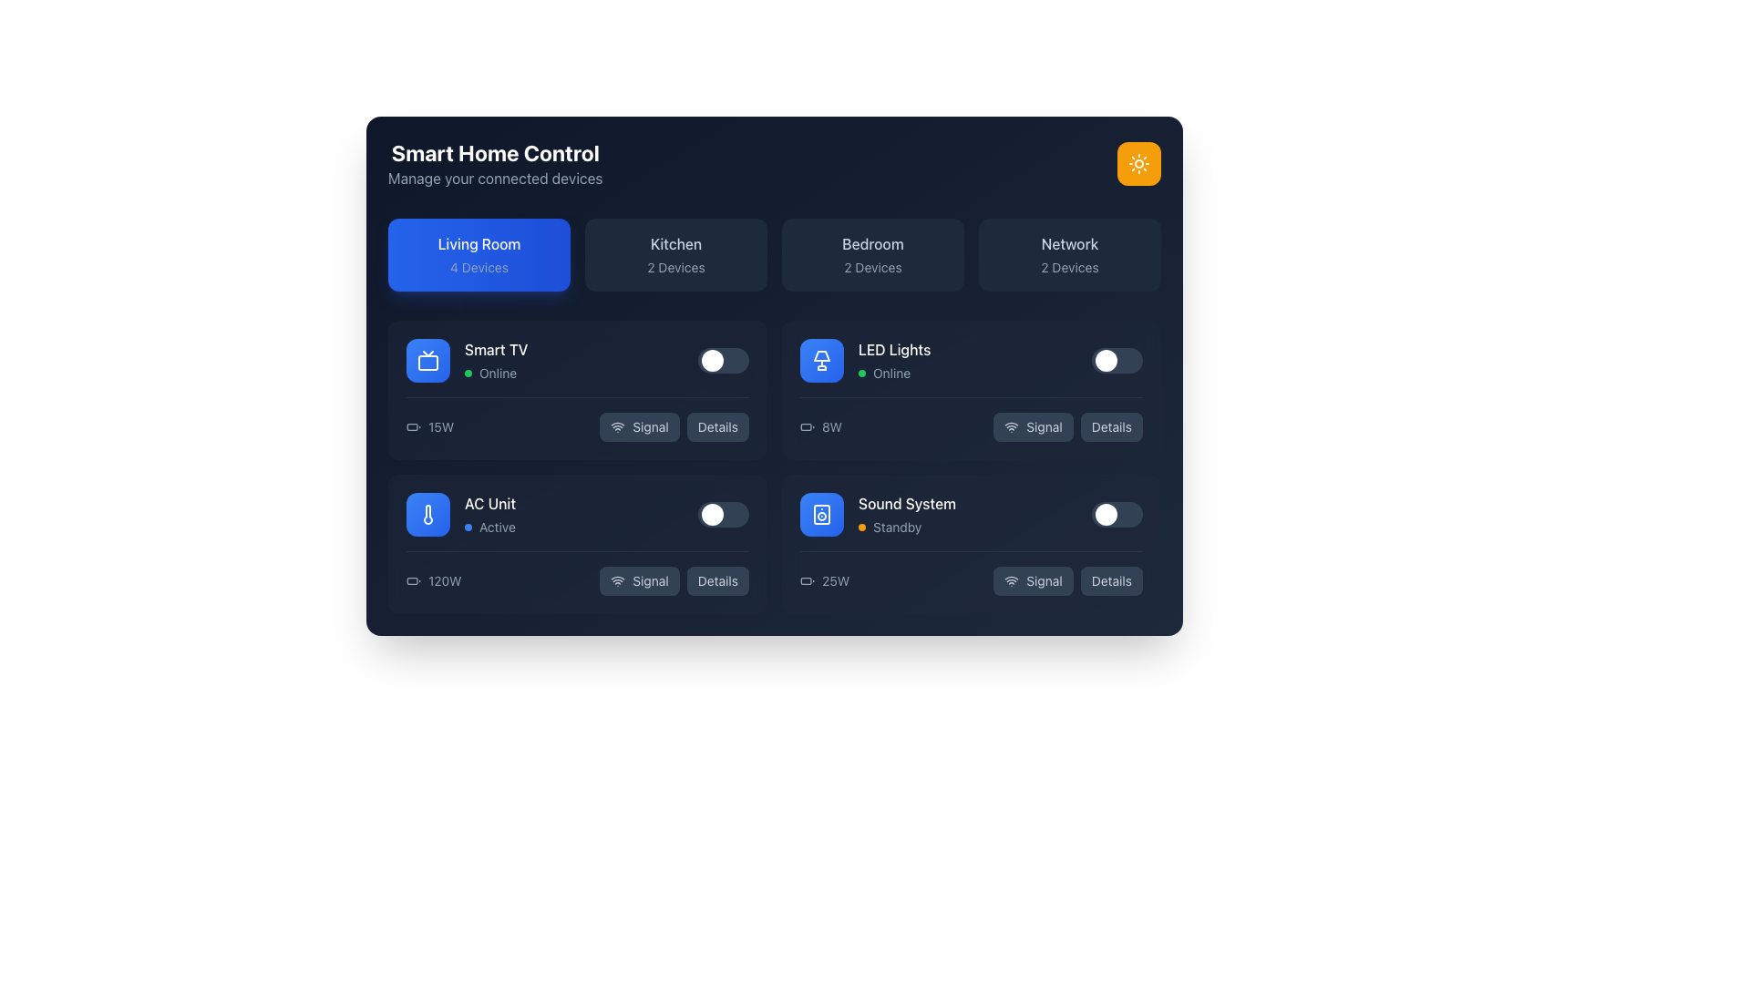 The image size is (1750, 984). What do you see at coordinates (427, 361) in the screenshot?
I see `the rounded rectangular icon with a gradient from blue to lighter blue, featuring a white television icon, located in the 'Living Room' section under the 'Smart TV' device card` at bounding box center [427, 361].